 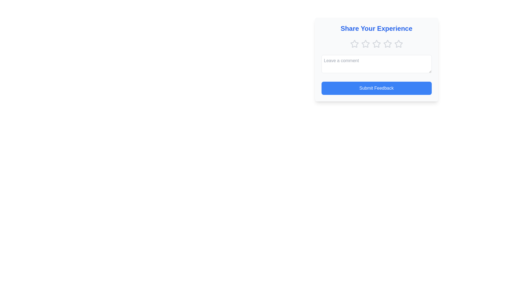 I want to click on the fourth star icon in the rating interface, so click(x=387, y=43).